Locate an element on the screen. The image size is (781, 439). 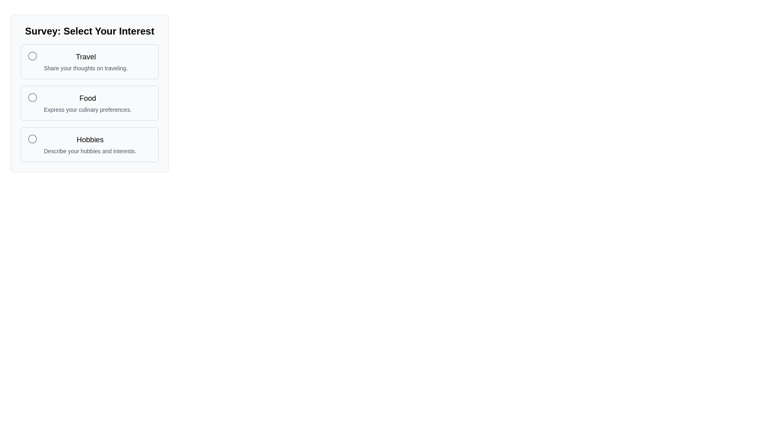
the radio button indicator for the 'Food' option to trigger a visual response is located at coordinates (33, 97).